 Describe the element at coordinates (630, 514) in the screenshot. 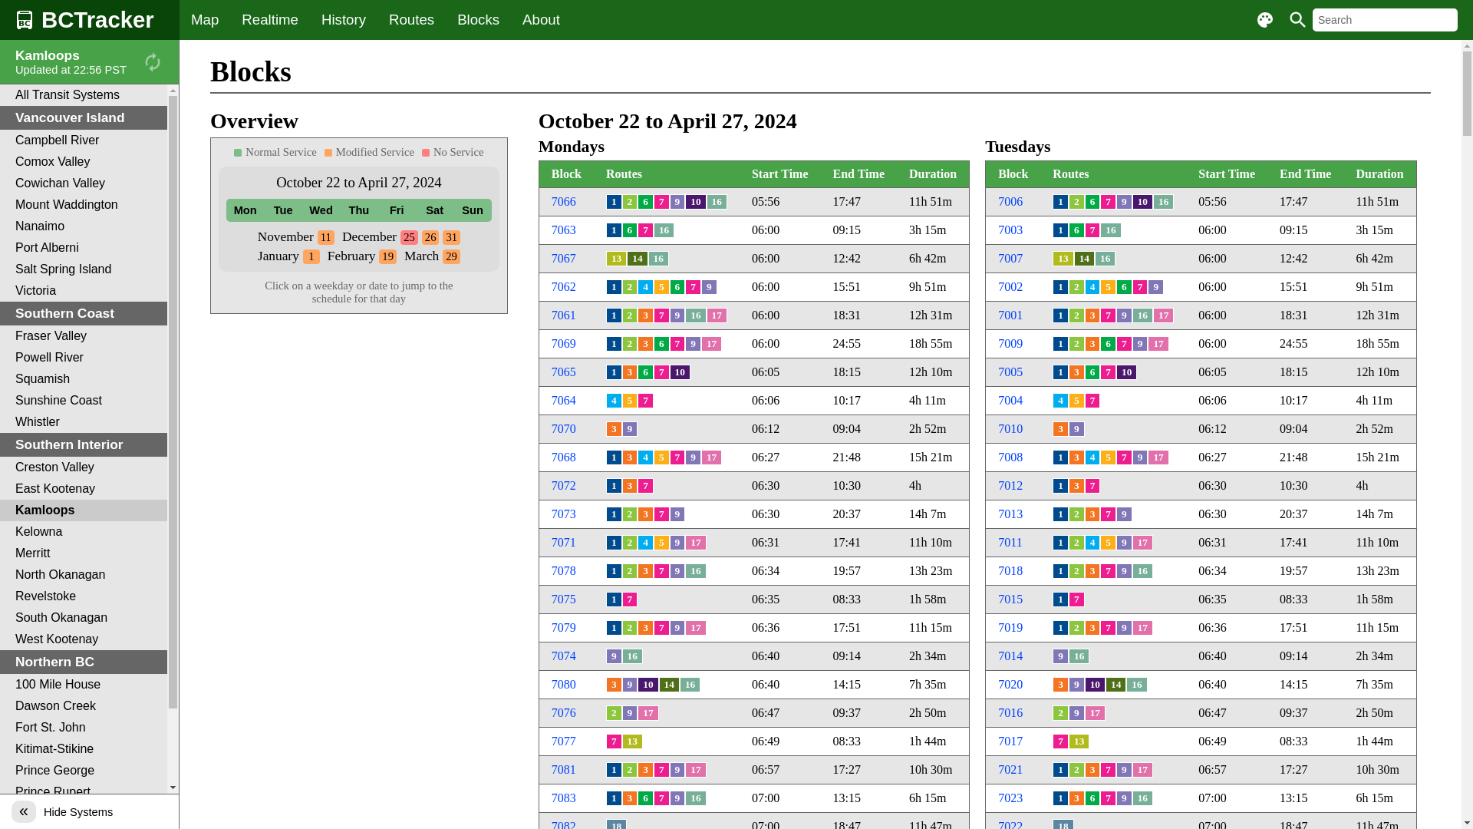

I see `'2'` at that location.